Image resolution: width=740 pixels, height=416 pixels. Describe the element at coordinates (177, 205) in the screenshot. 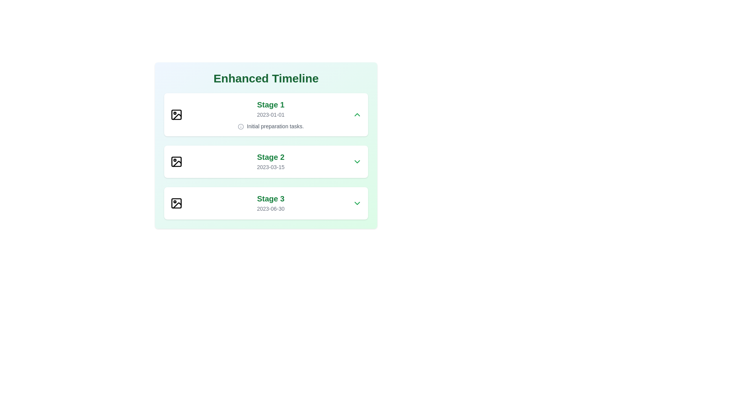

I see `the photo icon element adjacent to the heading for 'Stage 3', which features an angular line pattern in its lower-left region` at that location.